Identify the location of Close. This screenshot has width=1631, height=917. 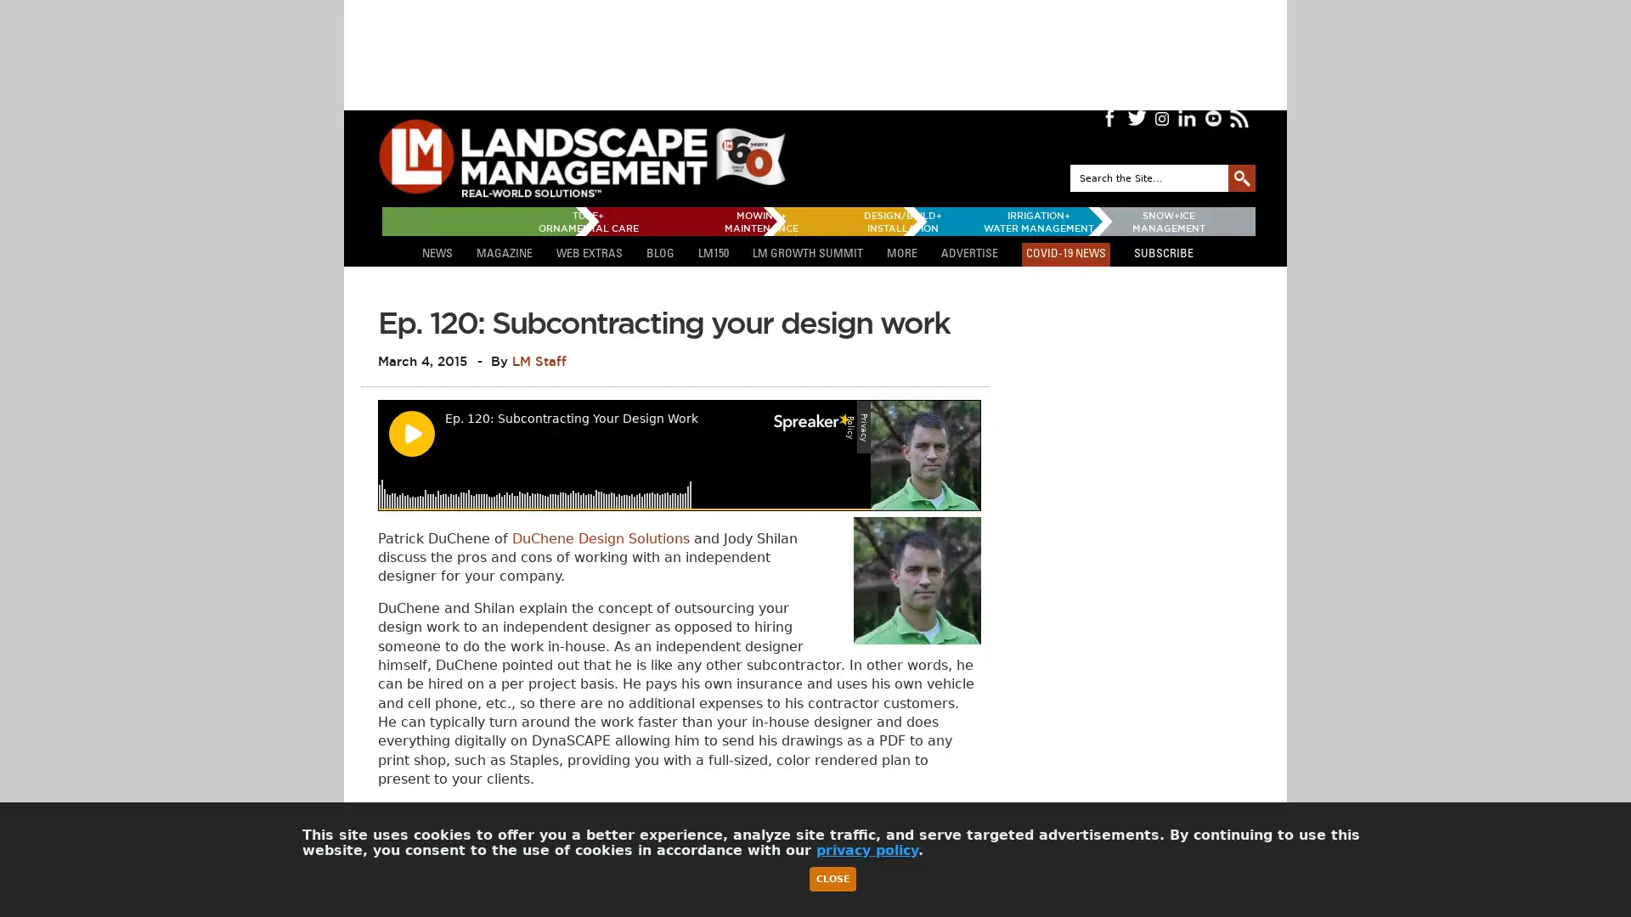
(832, 879).